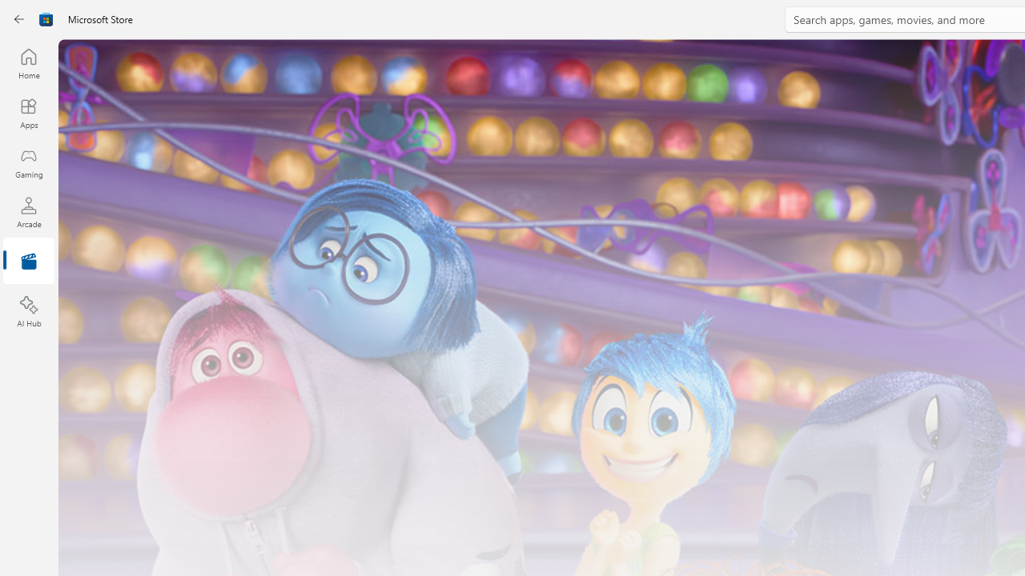  I want to click on 'Entertainment', so click(28, 261).